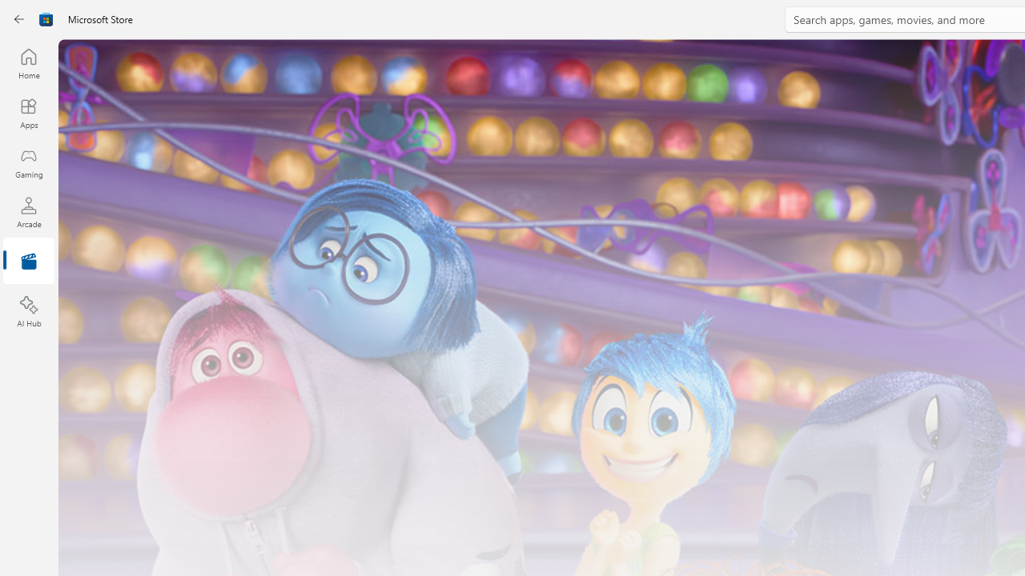  I want to click on 'Entertainment', so click(28, 261).